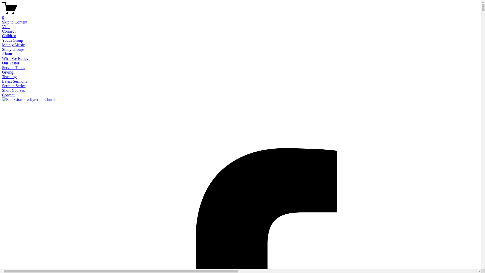 The width and height of the screenshot is (485, 273). Describe the element at coordinates (13, 67) in the screenshot. I see `'Service Times'` at that location.